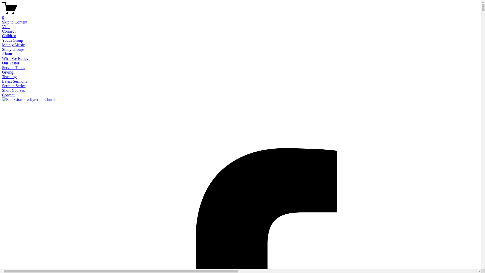 The width and height of the screenshot is (485, 273). Describe the element at coordinates (13, 67) in the screenshot. I see `'Service Times'` at that location.